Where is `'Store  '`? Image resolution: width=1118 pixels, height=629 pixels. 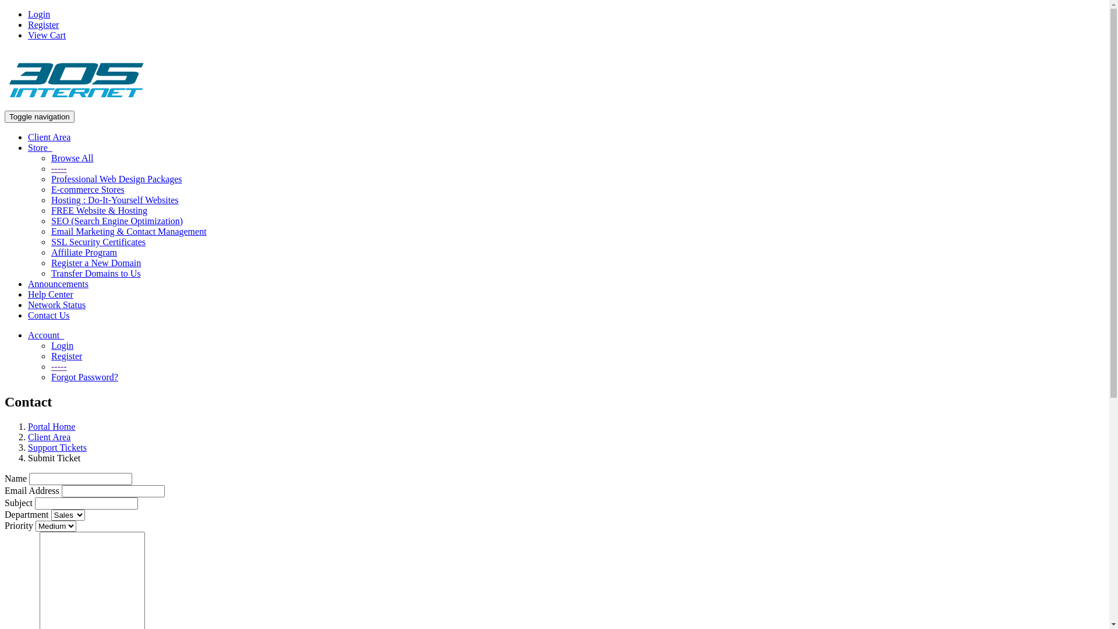
'Store  ' is located at coordinates (40, 147).